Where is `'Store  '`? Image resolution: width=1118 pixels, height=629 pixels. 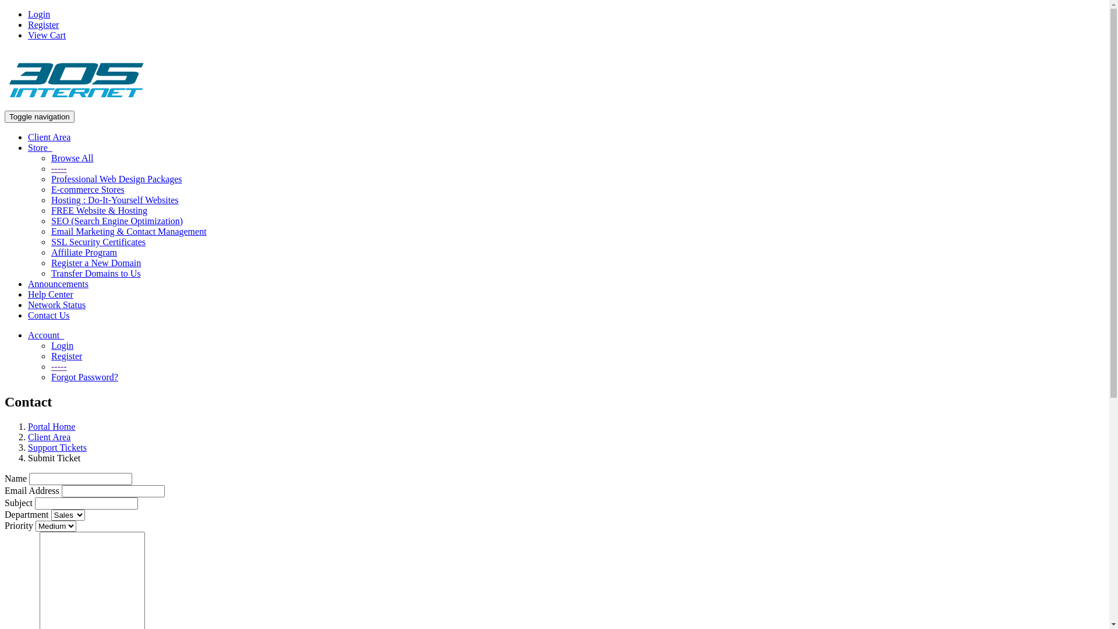
'Store  ' is located at coordinates (40, 147).